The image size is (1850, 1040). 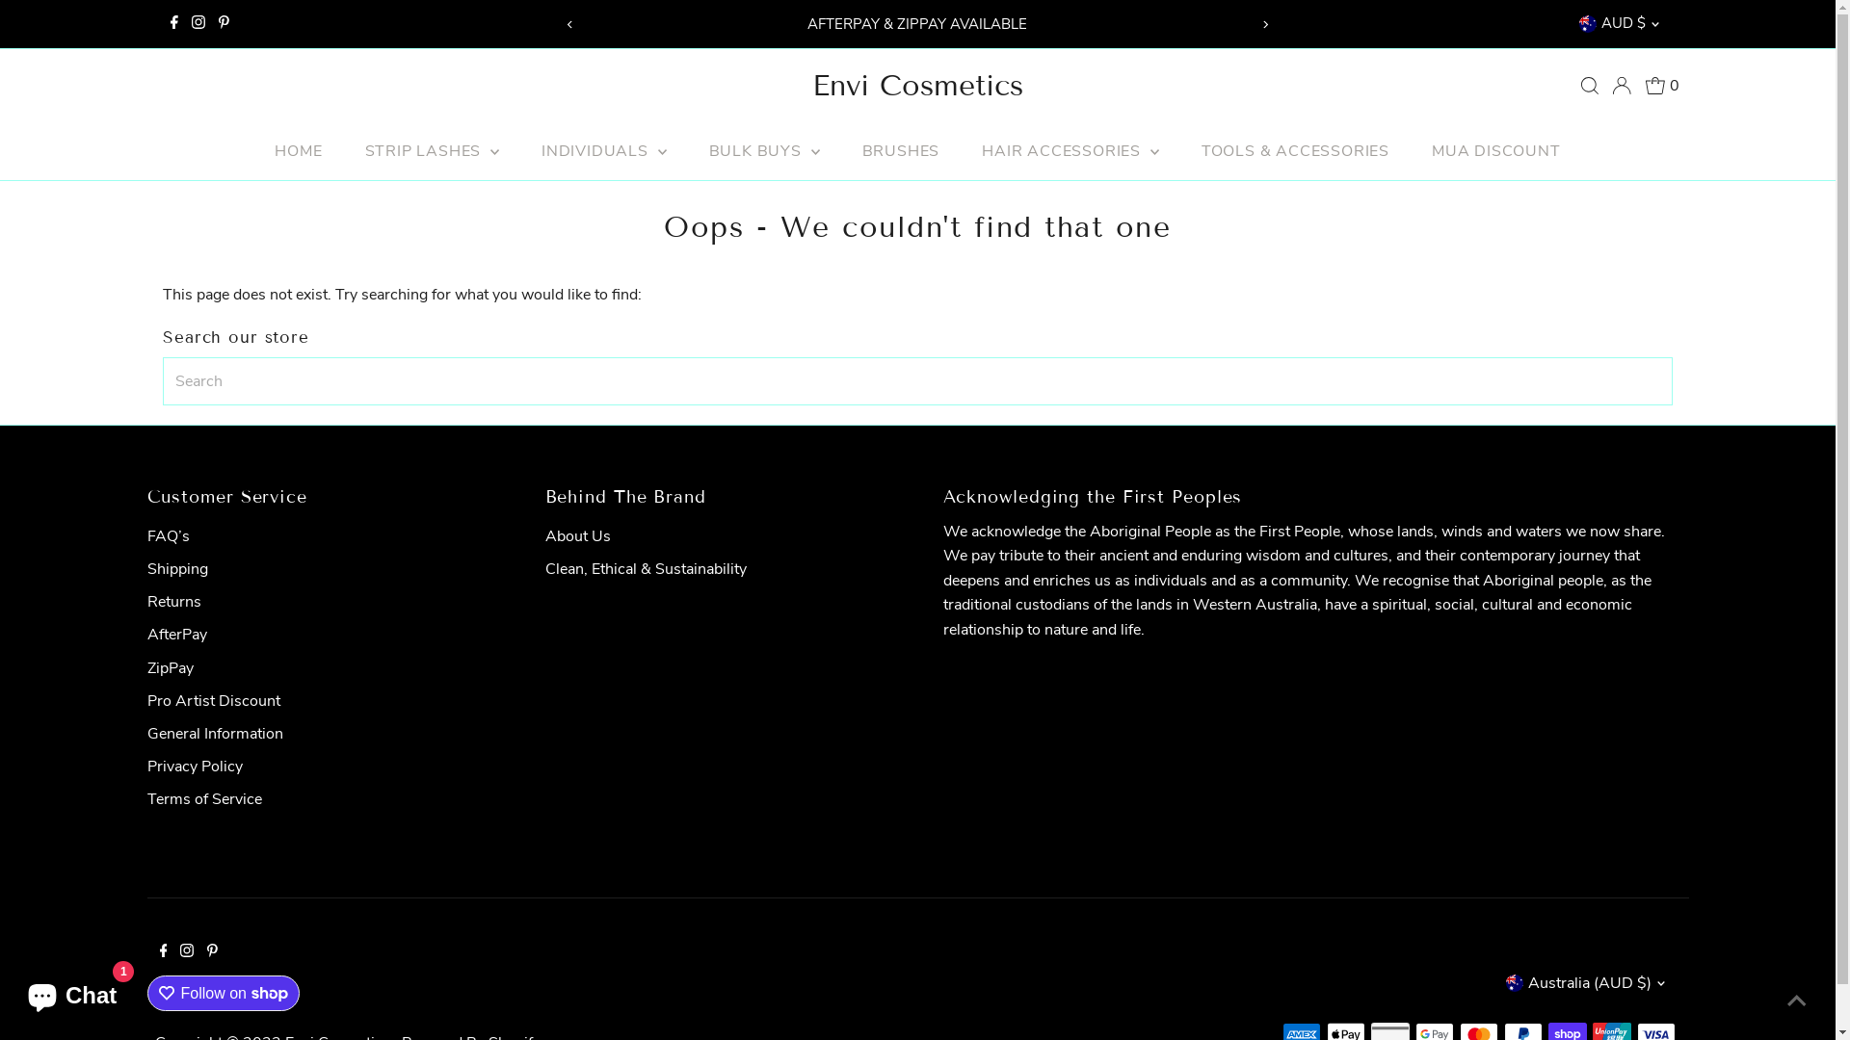 What do you see at coordinates (577, 535) in the screenshot?
I see `'About Us'` at bounding box center [577, 535].